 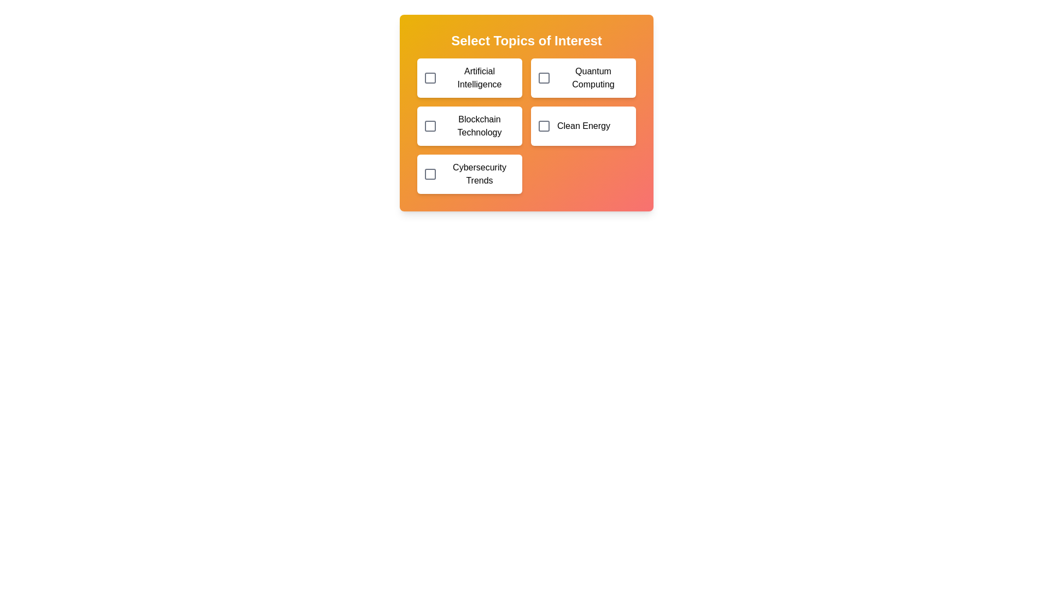 I want to click on the checkbox corresponding to the topic Quantum Computing to select or deselect it, so click(x=544, y=77).